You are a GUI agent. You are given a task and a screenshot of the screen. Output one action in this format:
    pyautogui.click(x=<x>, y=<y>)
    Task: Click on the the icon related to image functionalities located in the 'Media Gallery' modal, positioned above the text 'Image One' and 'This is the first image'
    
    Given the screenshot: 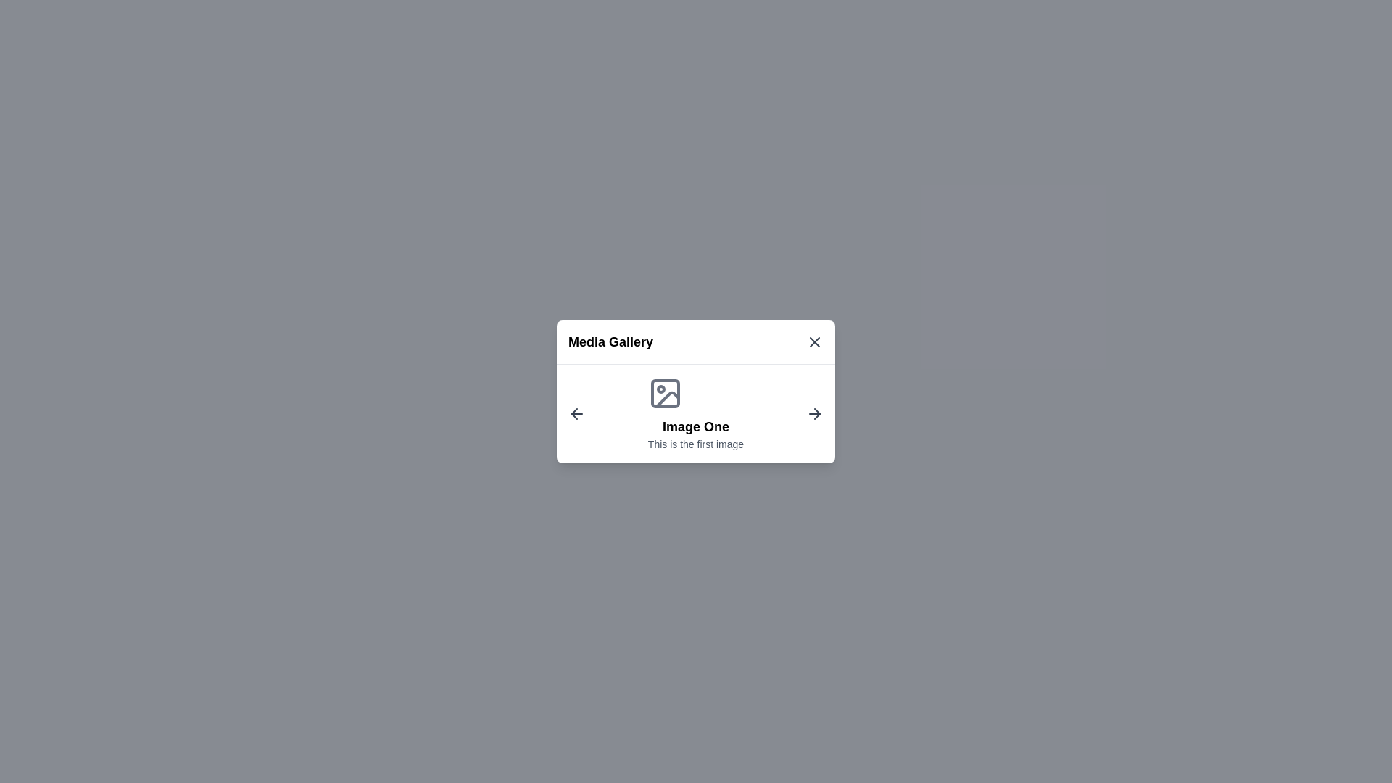 What is the action you would take?
    pyautogui.click(x=664, y=393)
    